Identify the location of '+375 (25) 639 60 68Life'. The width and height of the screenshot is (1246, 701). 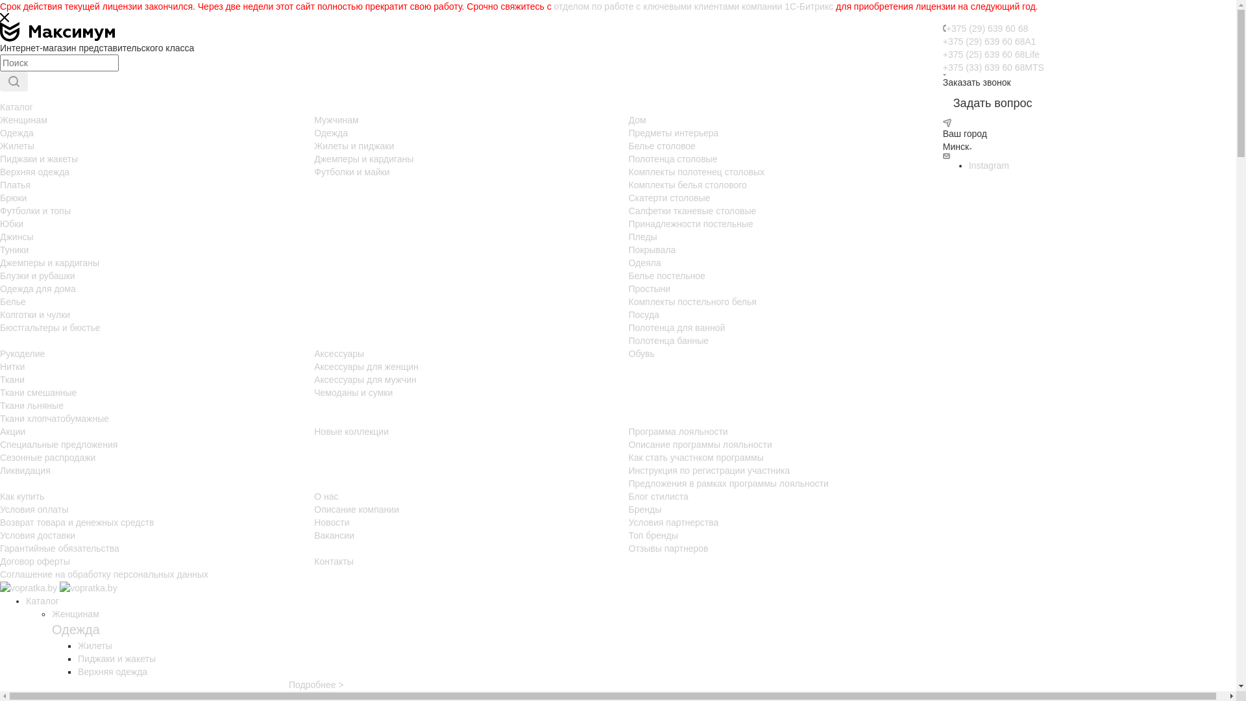
(990, 54).